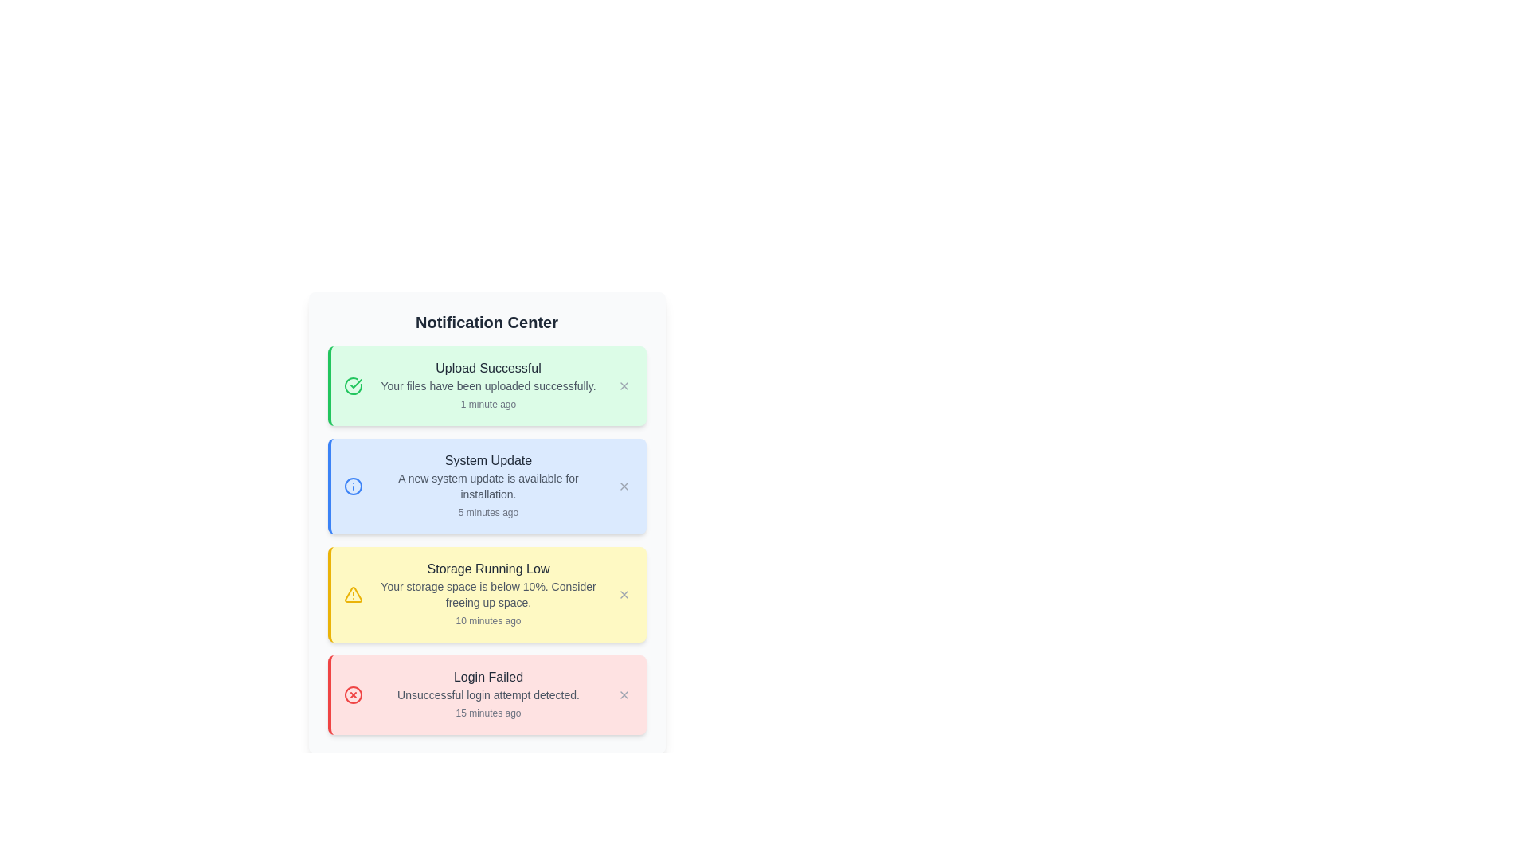 This screenshot has width=1529, height=860. Describe the element at coordinates (352, 595) in the screenshot. I see `the alert icon indicating low storage space in the 'Storage Running Low' notification panel` at that location.